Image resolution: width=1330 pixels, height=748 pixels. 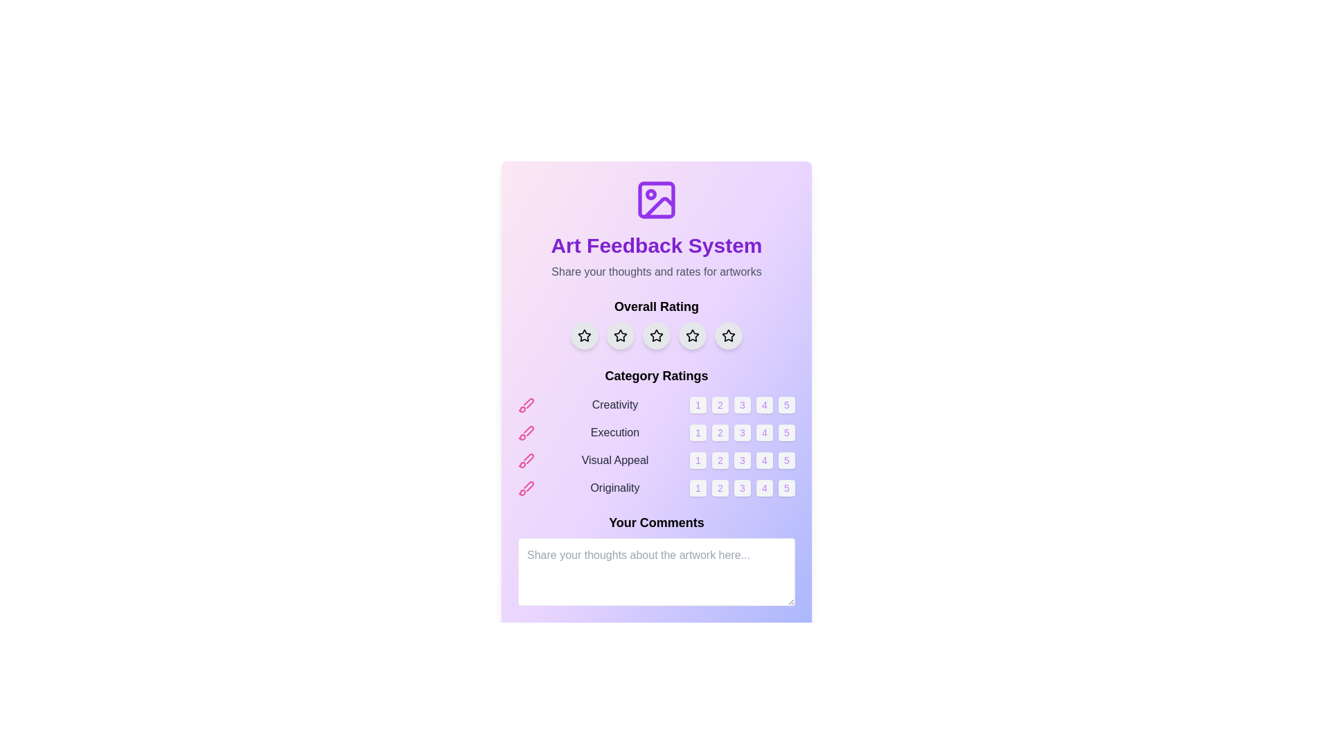 What do you see at coordinates (741, 460) in the screenshot?
I see `the small, rounded rectangular button displaying the number '3' with a light purple text color, located in the third column of the 'Visual Appeal' row under 'Category Ratings', to observe the visual feedback` at bounding box center [741, 460].